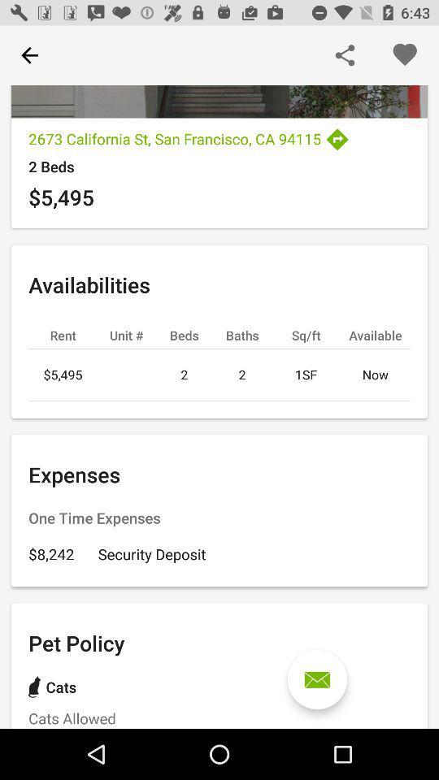  What do you see at coordinates (344, 55) in the screenshot?
I see `share on social media` at bounding box center [344, 55].